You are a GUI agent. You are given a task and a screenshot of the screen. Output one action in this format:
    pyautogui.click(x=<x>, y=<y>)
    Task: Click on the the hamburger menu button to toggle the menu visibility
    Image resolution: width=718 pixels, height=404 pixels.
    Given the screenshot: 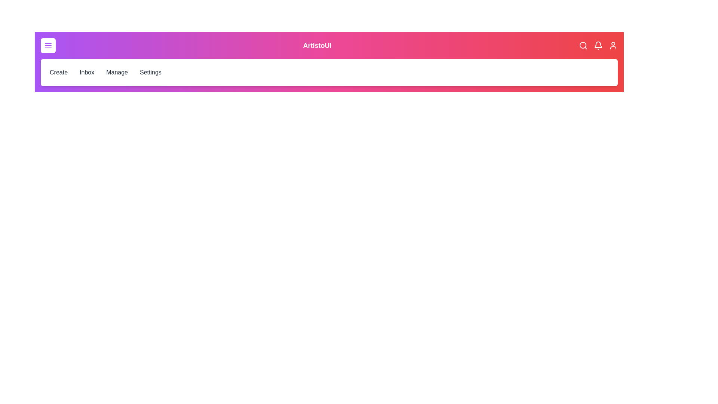 What is the action you would take?
    pyautogui.click(x=48, y=46)
    